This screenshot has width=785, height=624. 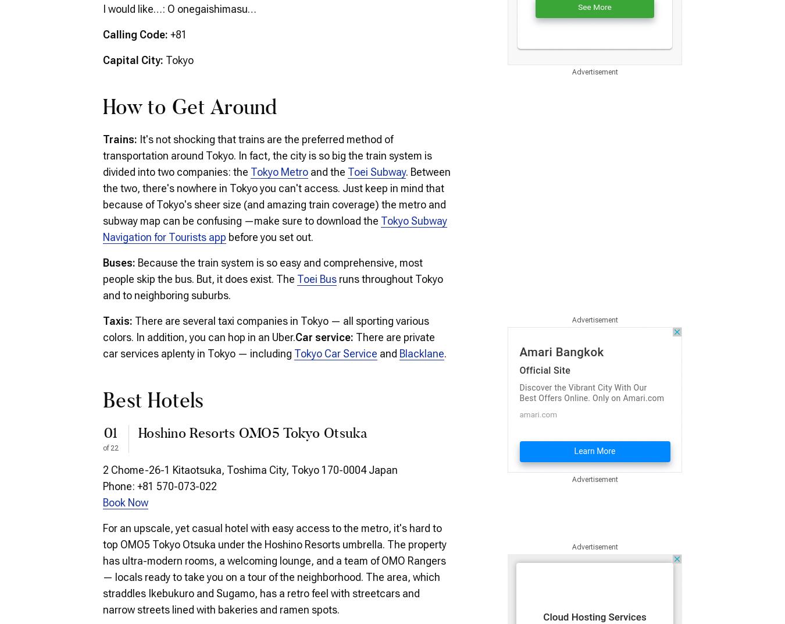 I want to click on 'of 22', so click(x=110, y=448).